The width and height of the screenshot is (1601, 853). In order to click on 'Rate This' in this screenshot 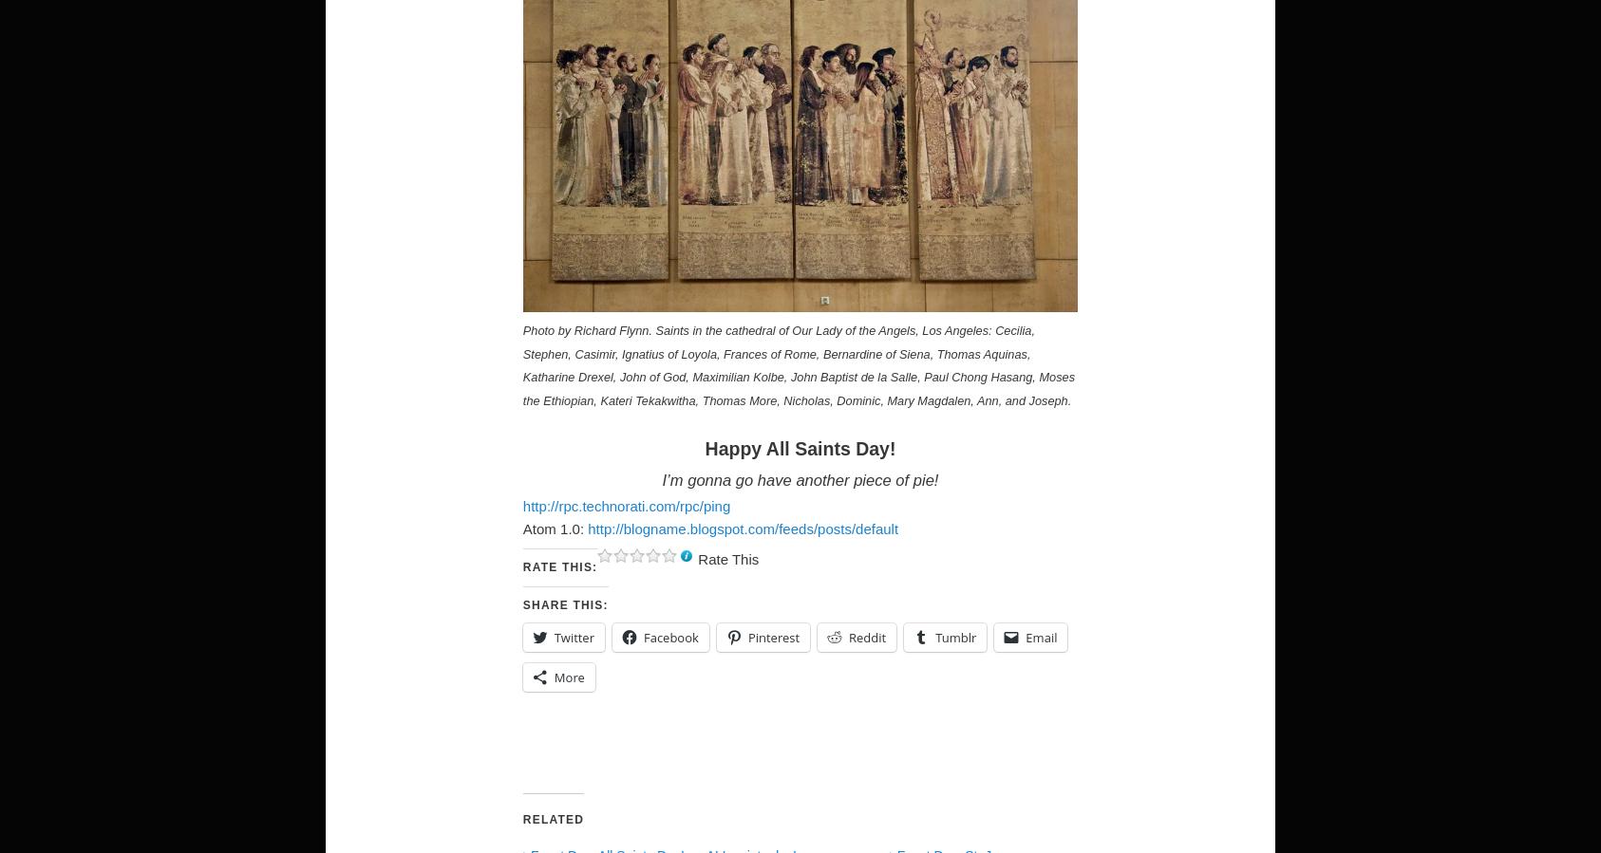, I will do `click(727, 558)`.